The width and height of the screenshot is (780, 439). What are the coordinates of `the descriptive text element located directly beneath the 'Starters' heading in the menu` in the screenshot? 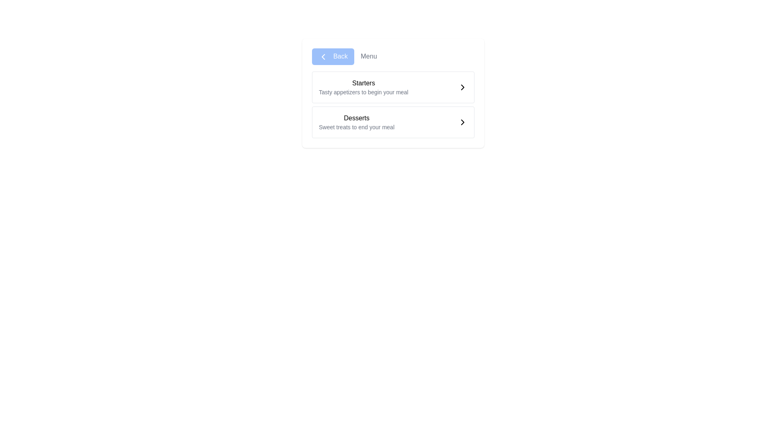 It's located at (363, 91).